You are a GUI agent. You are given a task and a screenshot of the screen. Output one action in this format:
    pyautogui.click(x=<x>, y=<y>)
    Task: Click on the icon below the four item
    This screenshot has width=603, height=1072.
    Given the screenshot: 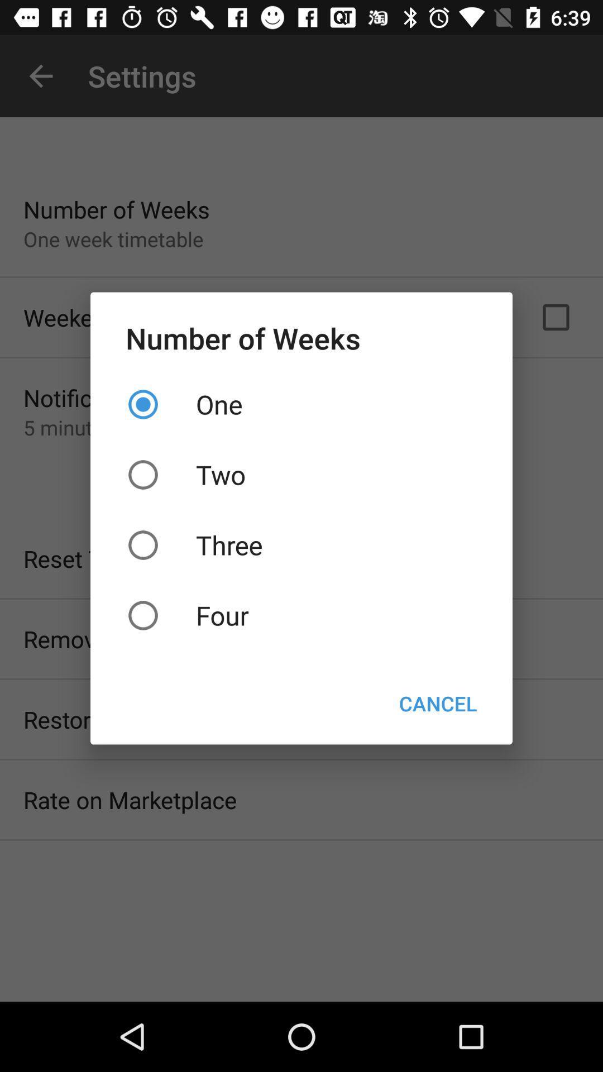 What is the action you would take?
    pyautogui.click(x=437, y=702)
    